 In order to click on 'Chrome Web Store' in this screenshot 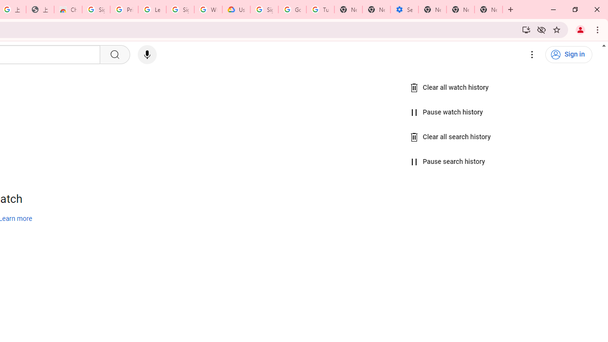, I will do `click(67, 9)`.